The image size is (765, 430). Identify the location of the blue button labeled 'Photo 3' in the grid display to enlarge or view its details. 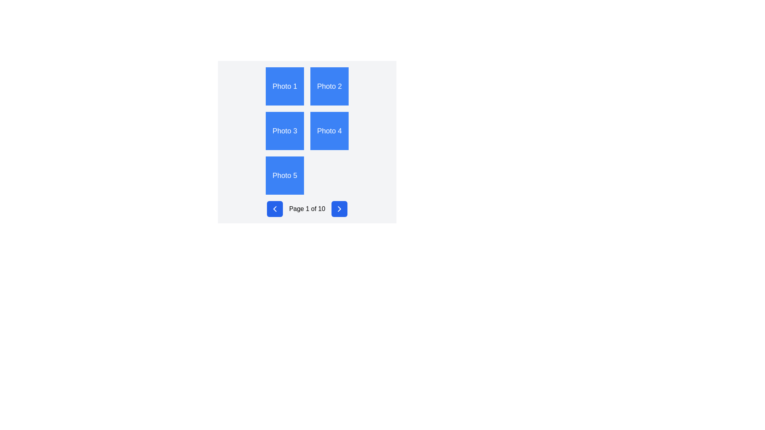
(307, 142).